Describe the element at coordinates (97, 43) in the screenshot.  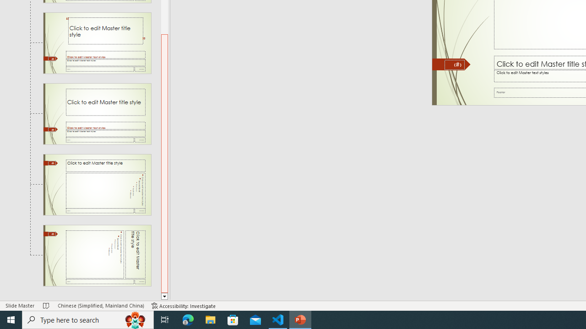
I see `'Slide Quote Name Card Layout: used by no slides'` at that location.